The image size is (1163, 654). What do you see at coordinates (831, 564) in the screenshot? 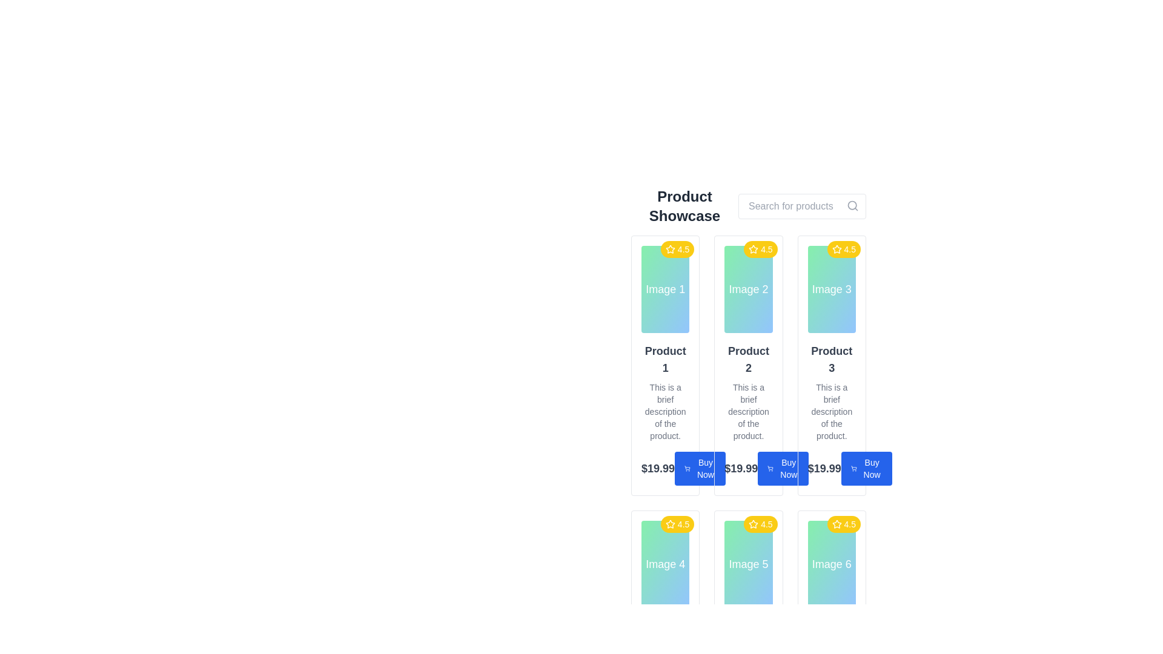
I see `text label displaying 'Image 6' which is located at the center of the sixth product card in the grid layout, on a gradient background transitioning from green to blue` at bounding box center [831, 564].